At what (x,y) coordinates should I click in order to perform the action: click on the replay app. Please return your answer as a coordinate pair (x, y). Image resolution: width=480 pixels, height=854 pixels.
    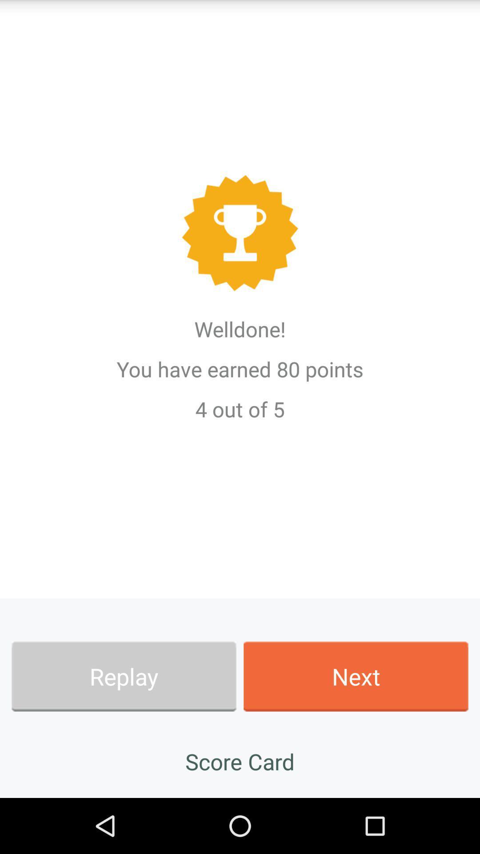
    Looking at the image, I should click on (124, 676).